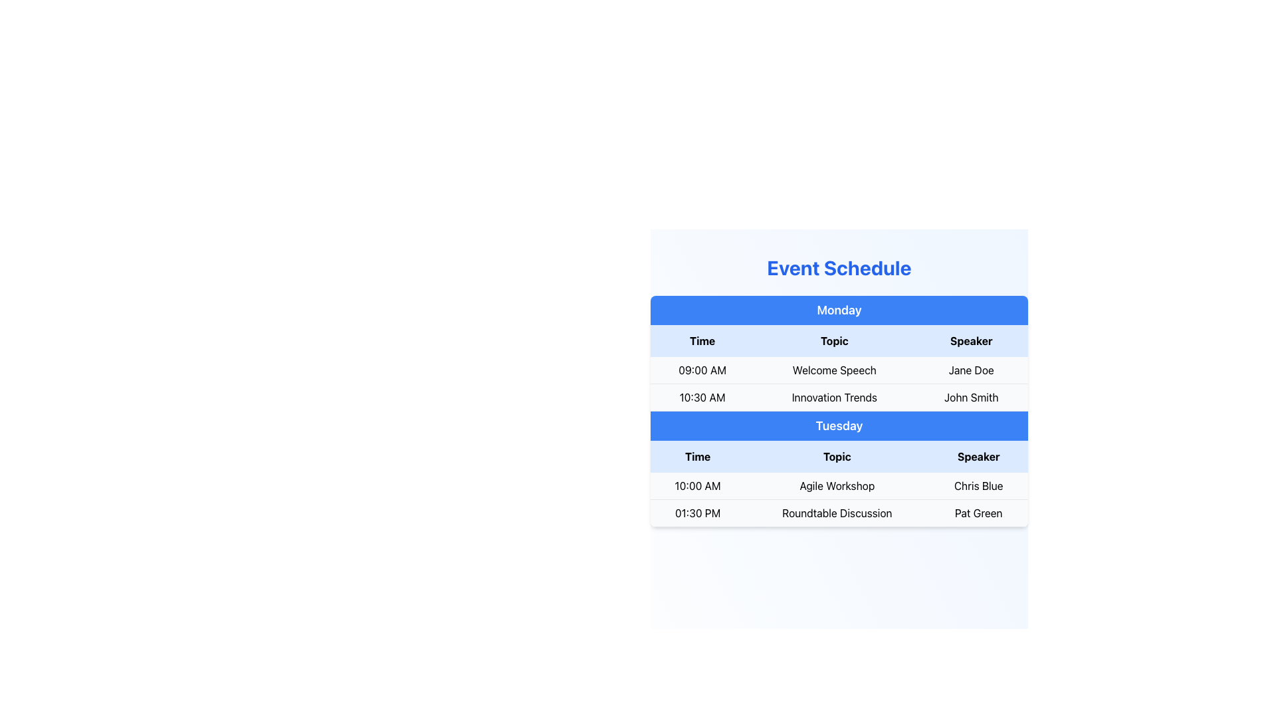  What do you see at coordinates (838, 396) in the screenshot?
I see `the table row displaying the event scheduled for '10:30 AM' titled 'Innovation Trends' with speaker 'John Smith'` at bounding box center [838, 396].